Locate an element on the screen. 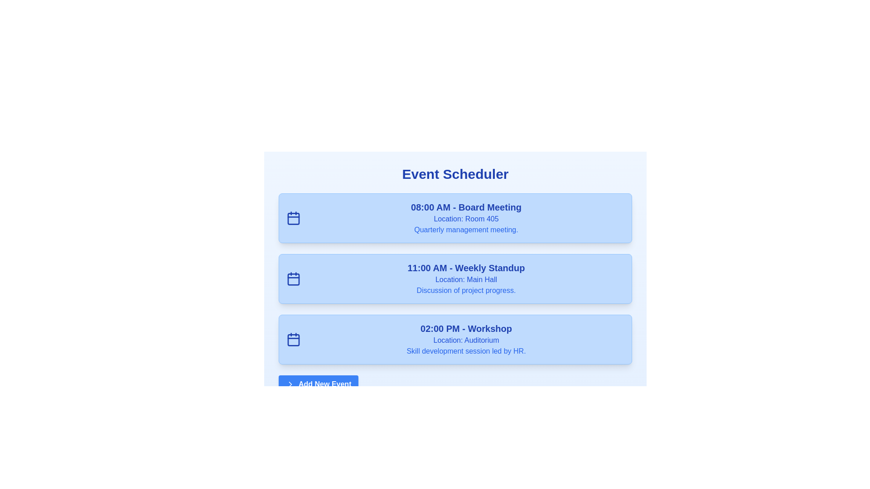  the main rectangular section of the calendar icon representing the date box for the '02:00 PM - Workshop' event in the lower card of the event list is located at coordinates (294, 340).